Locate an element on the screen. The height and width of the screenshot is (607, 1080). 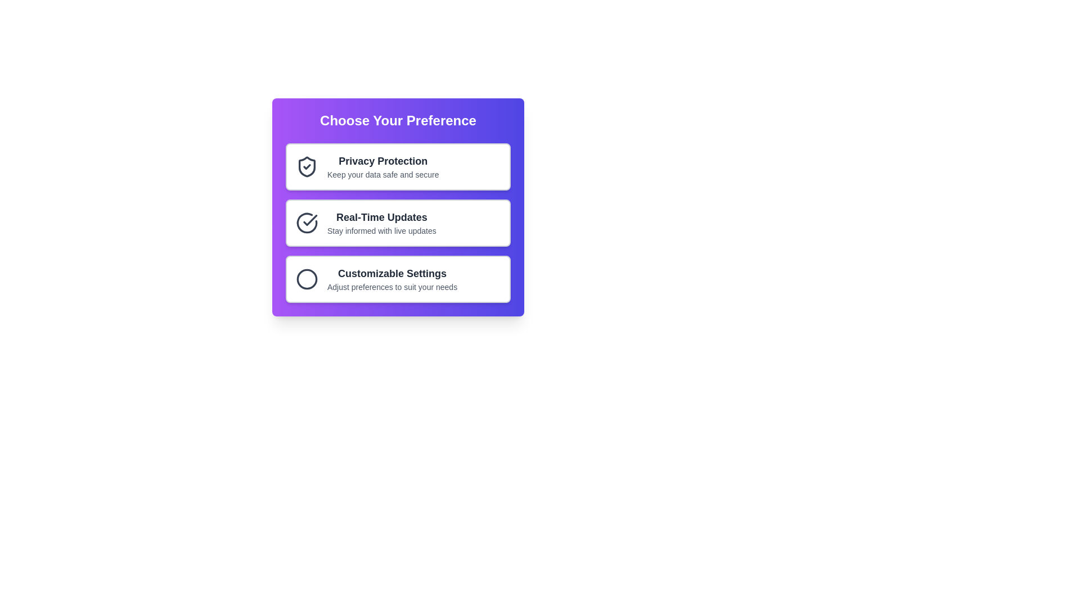
the Checkmark icon within the 'Real-Time Updates' SVG group, which indicates a selected state is located at coordinates (310, 220).